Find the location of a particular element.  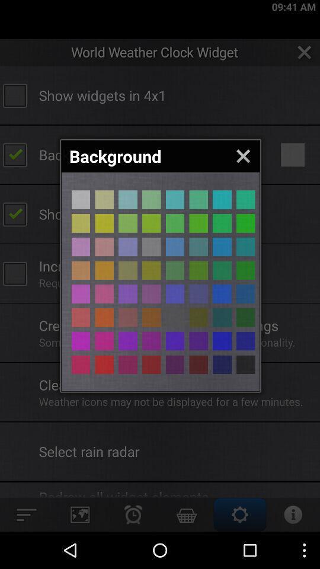

colour page is located at coordinates (222, 364).